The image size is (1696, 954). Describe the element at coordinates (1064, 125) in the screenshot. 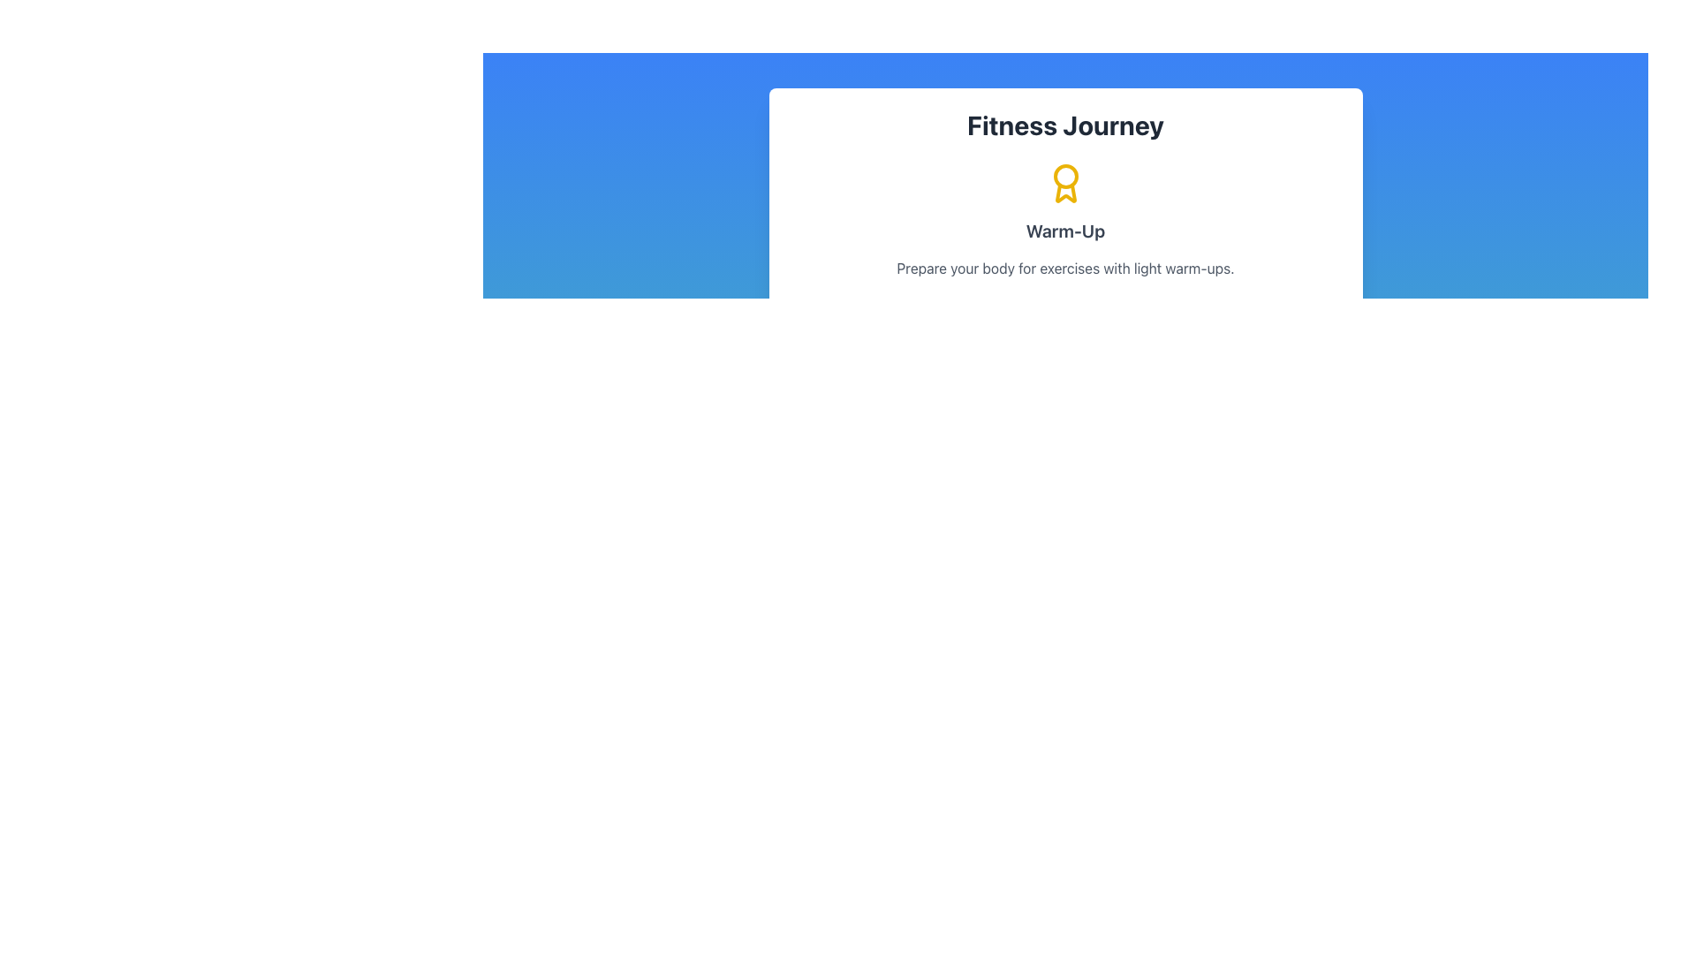

I see `the 'Fitness Journey' text label, which is a bold, large dark-colored text centrally aligned within a white content card at the top of the page` at that location.